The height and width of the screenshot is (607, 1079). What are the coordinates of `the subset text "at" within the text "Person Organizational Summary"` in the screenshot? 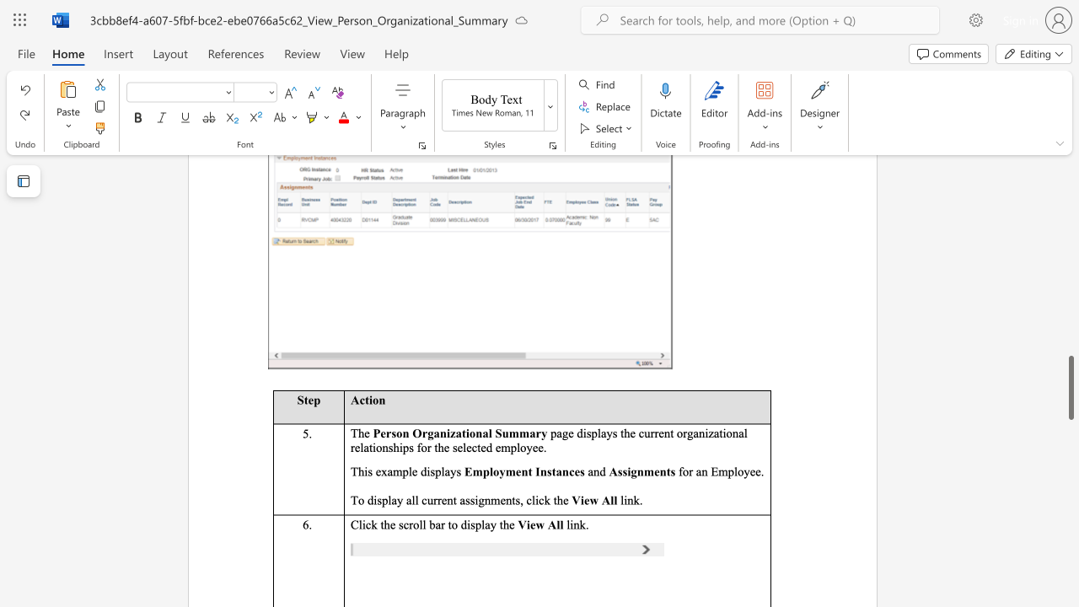 It's located at (455, 432).